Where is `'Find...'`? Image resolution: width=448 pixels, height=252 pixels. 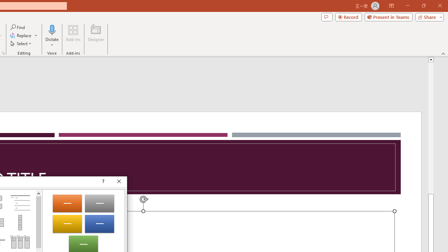
'Find...' is located at coordinates (18, 27).